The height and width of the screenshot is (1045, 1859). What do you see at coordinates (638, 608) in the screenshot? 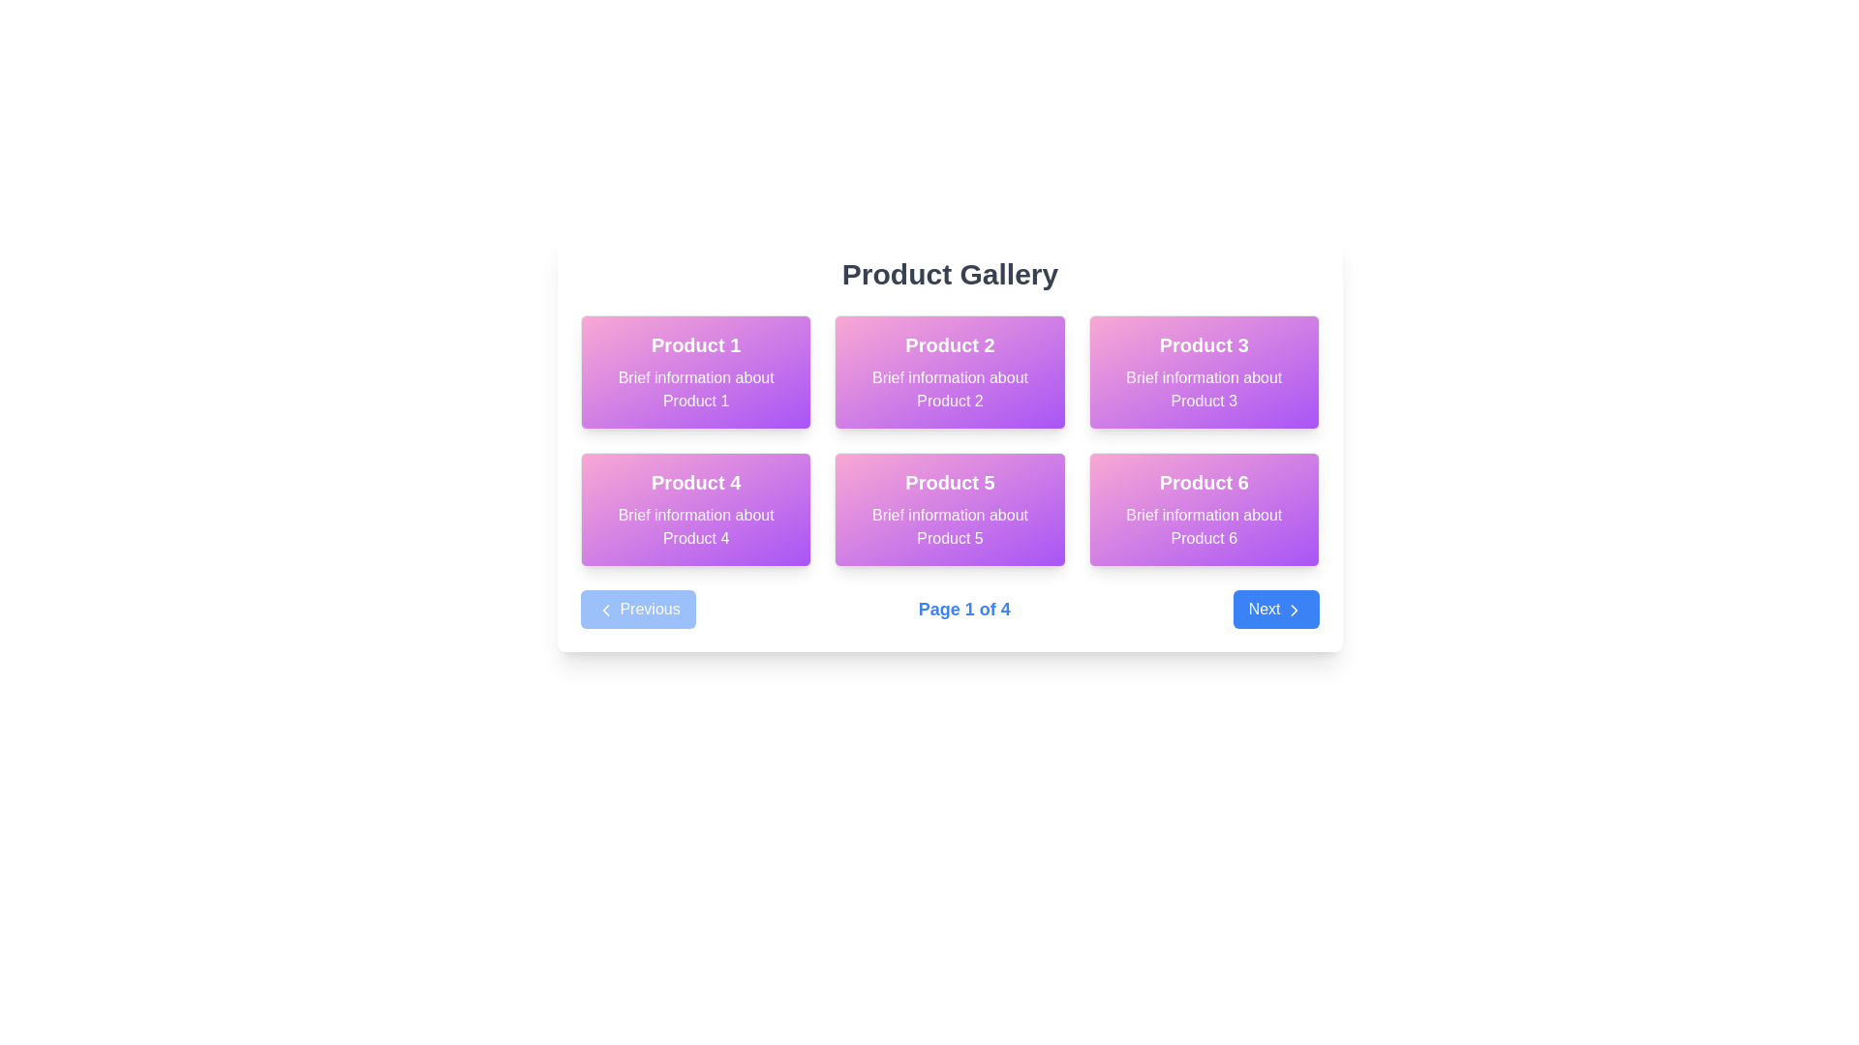
I see `the 'Previous' button, which has a blue background, white text, and a left-chevron icon, located to the left of the 'Page 1 of 4' label in the pagination section` at bounding box center [638, 608].